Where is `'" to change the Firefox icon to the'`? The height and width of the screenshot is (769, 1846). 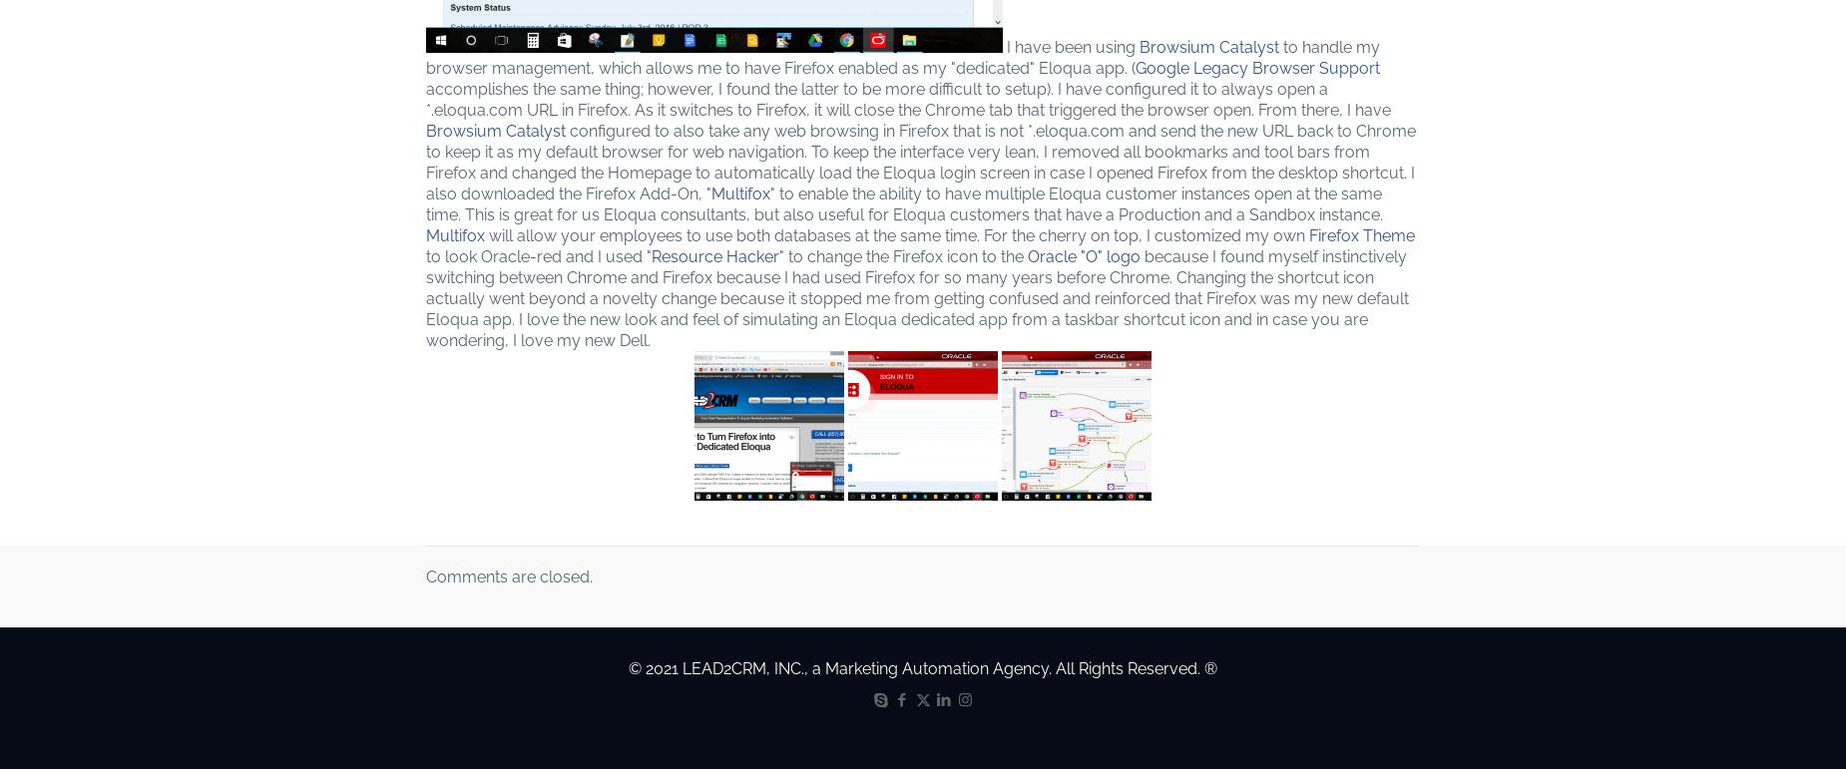
'" to change the Firefox icon to the' is located at coordinates (903, 255).